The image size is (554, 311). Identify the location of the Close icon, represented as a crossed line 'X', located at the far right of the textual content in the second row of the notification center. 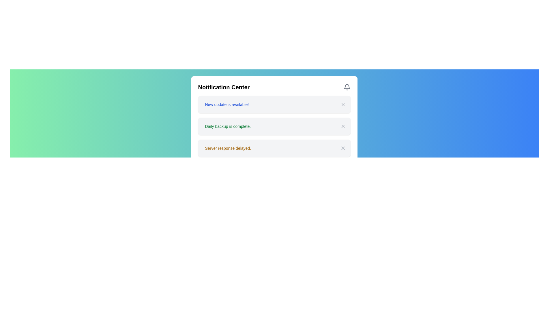
(343, 126).